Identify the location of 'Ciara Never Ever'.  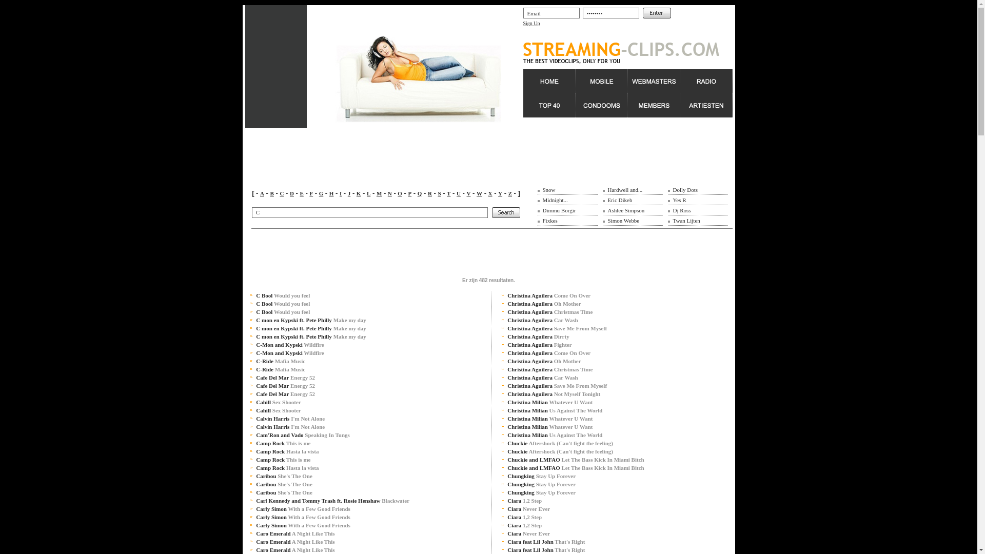
(507, 533).